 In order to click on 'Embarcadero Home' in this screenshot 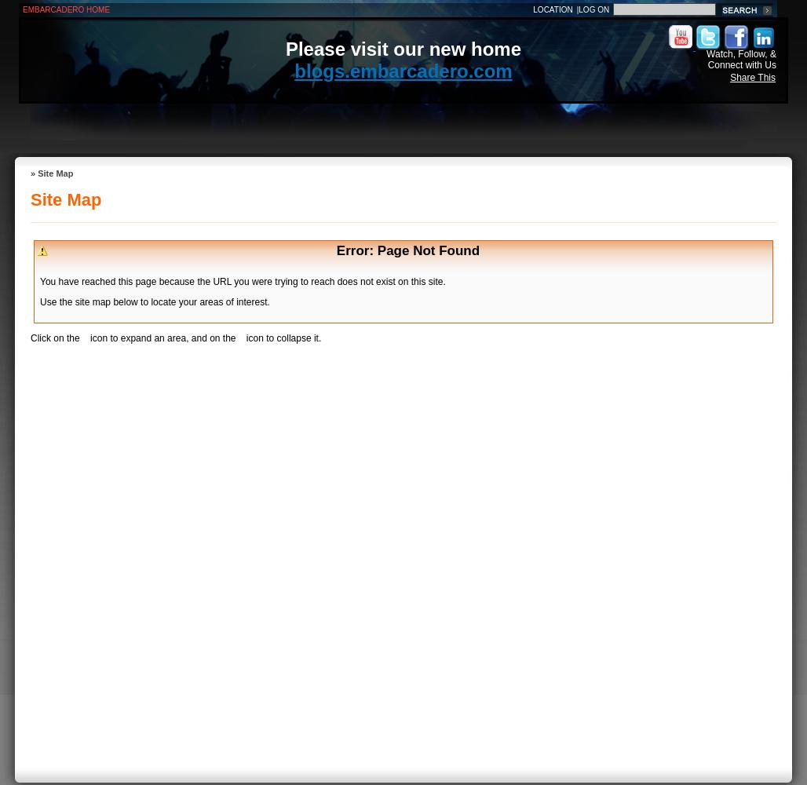, I will do `click(65, 9)`.